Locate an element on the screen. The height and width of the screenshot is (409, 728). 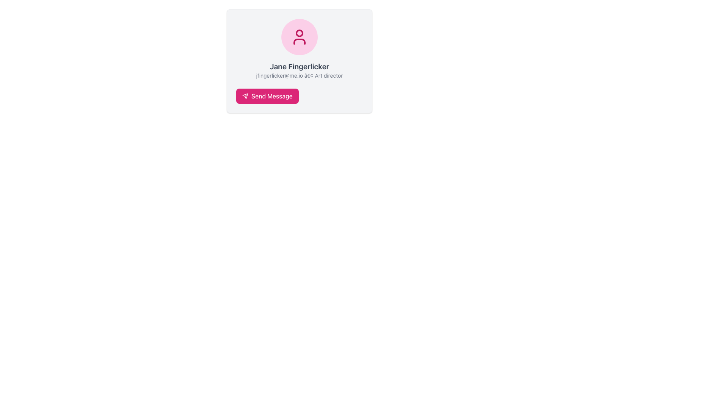
the profile icon, which is a decorative and indicative icon located within a pink circular background above the name 'Jane Fingerlicker' is located at coordinates (299, 37).